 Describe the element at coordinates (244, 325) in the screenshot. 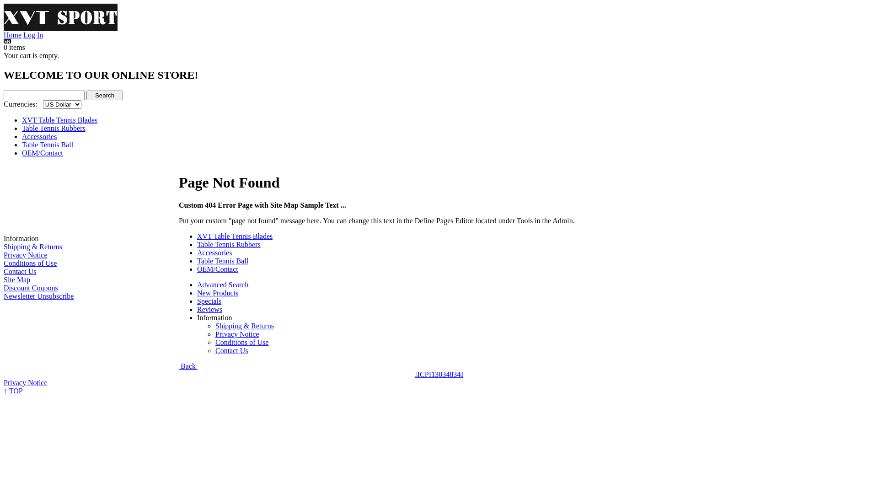

I see `'Shipping & Returns'` at that location.